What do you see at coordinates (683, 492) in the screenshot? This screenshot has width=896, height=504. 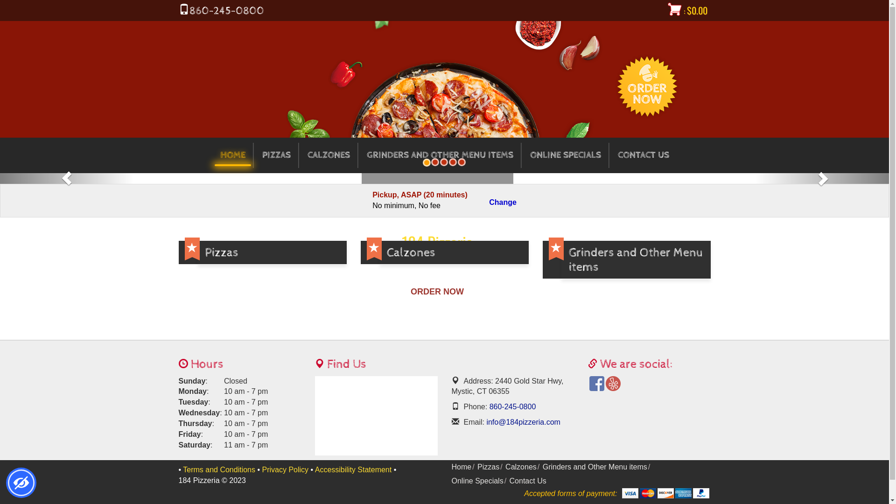 I see `'American Express'` at bounding box center [683, 492].